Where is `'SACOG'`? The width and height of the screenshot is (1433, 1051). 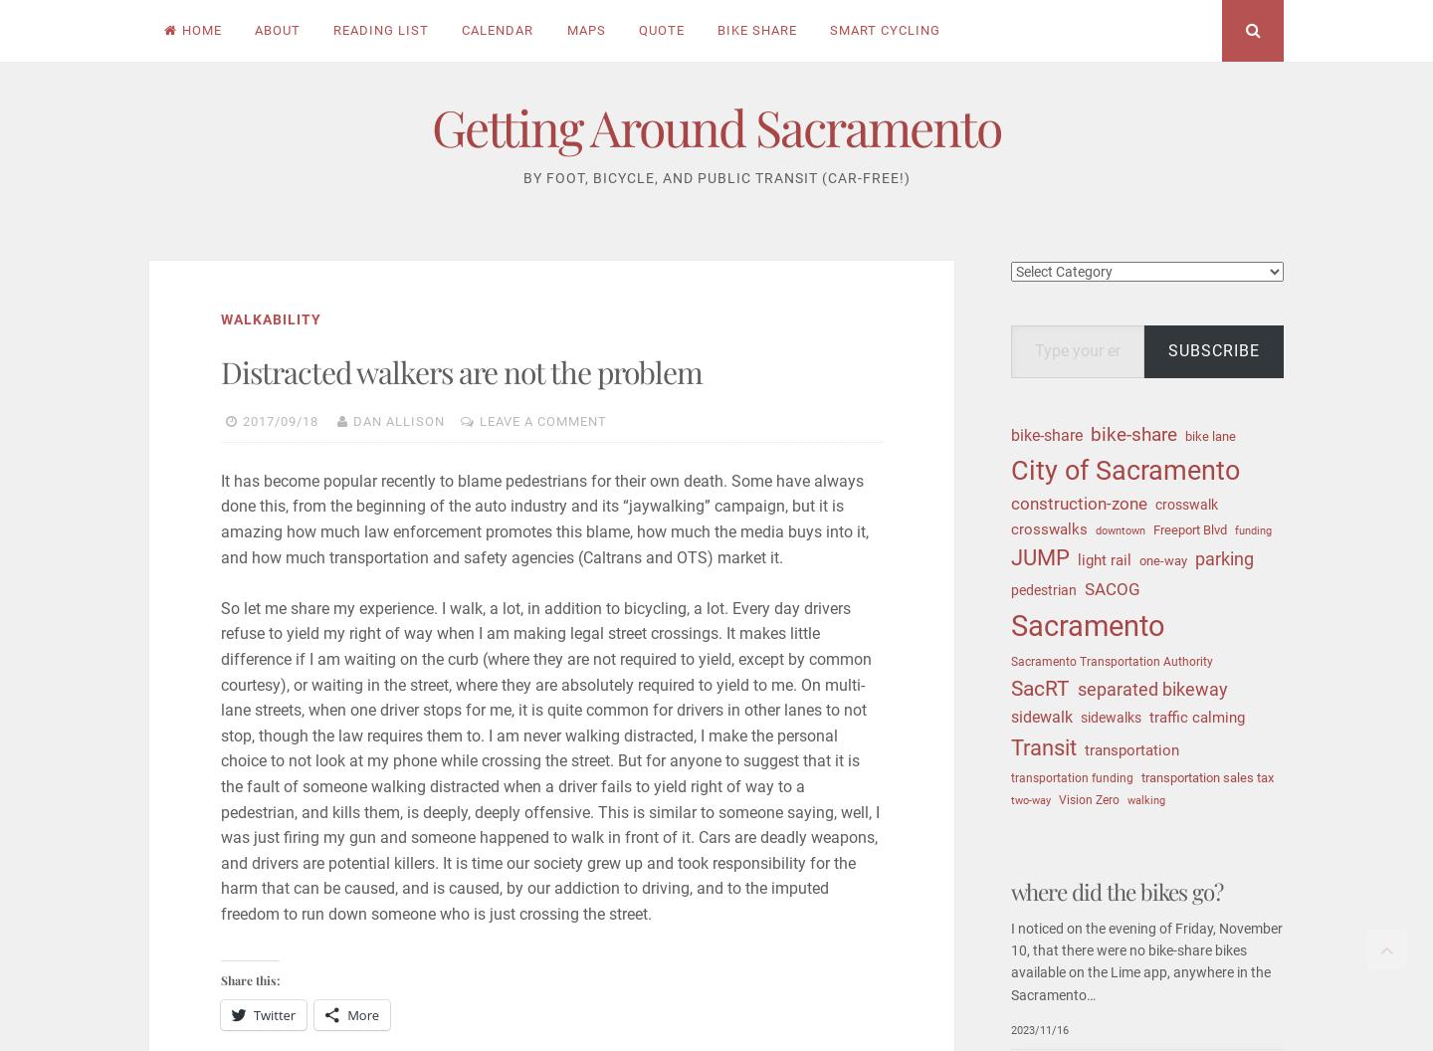
'SACOG' is located at coordinates (1112, 588).